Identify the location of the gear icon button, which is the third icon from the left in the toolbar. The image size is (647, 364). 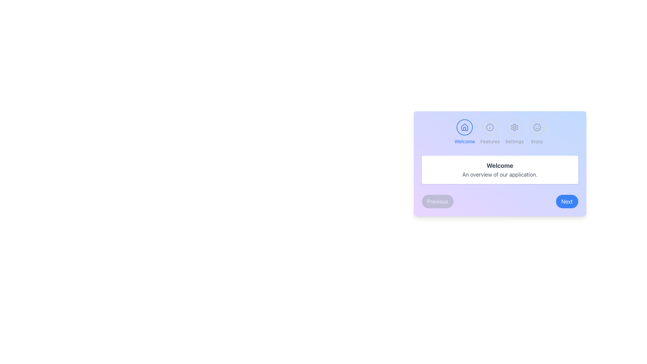
(514, 127).